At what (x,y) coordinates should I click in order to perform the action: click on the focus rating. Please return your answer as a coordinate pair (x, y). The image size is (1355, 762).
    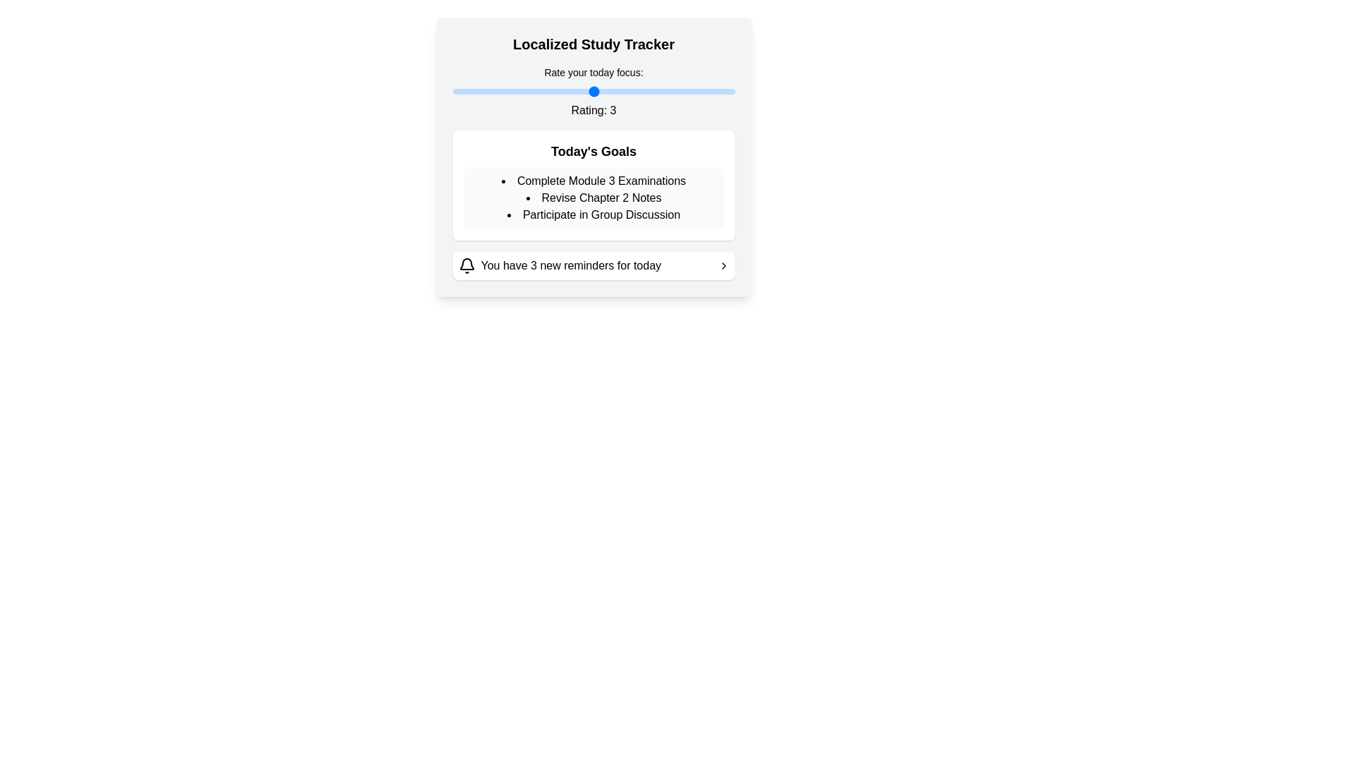
    Looking at the image, I should click on (594, 92).